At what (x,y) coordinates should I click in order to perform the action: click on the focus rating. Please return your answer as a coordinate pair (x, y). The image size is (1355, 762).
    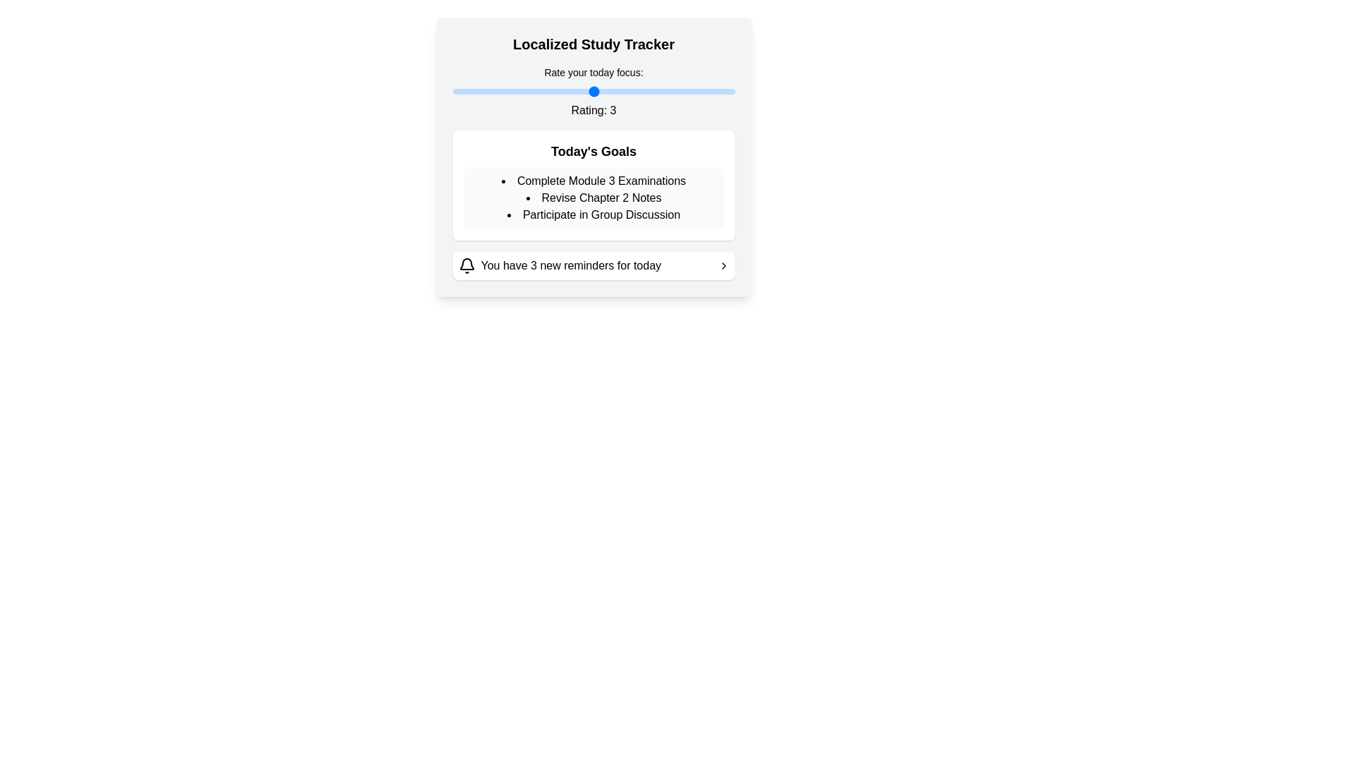
    Looking at the image, I should click on (594, 92).